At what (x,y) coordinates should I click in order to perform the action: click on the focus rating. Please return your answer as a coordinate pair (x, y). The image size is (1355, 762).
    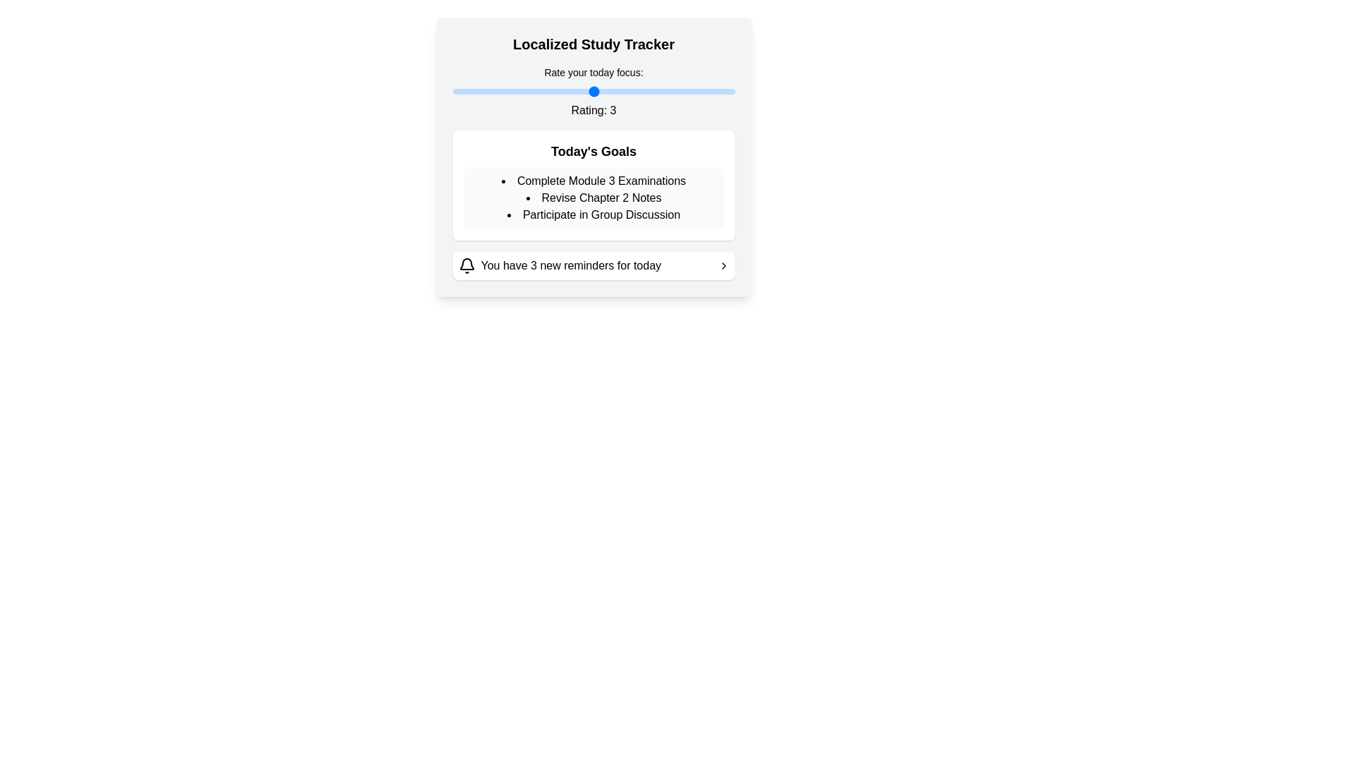
    Looking at the image, I should click on (594, 92).